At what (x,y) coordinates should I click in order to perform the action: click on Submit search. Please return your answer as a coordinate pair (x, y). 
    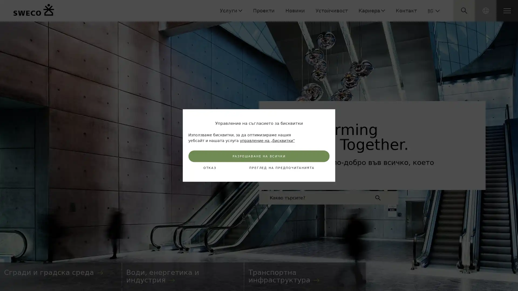
    Looking at the image, I should click on (474, 59).